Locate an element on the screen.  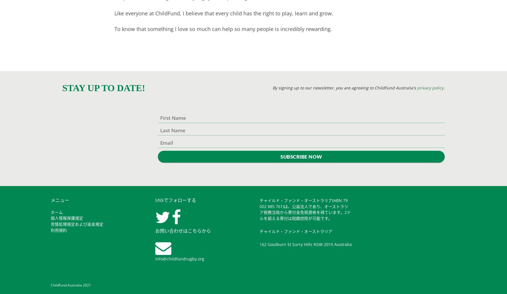
'Like everyone at ChildFund, I believe that every child has the right to play, learn and grow.' is located at coordinates (223, 13).